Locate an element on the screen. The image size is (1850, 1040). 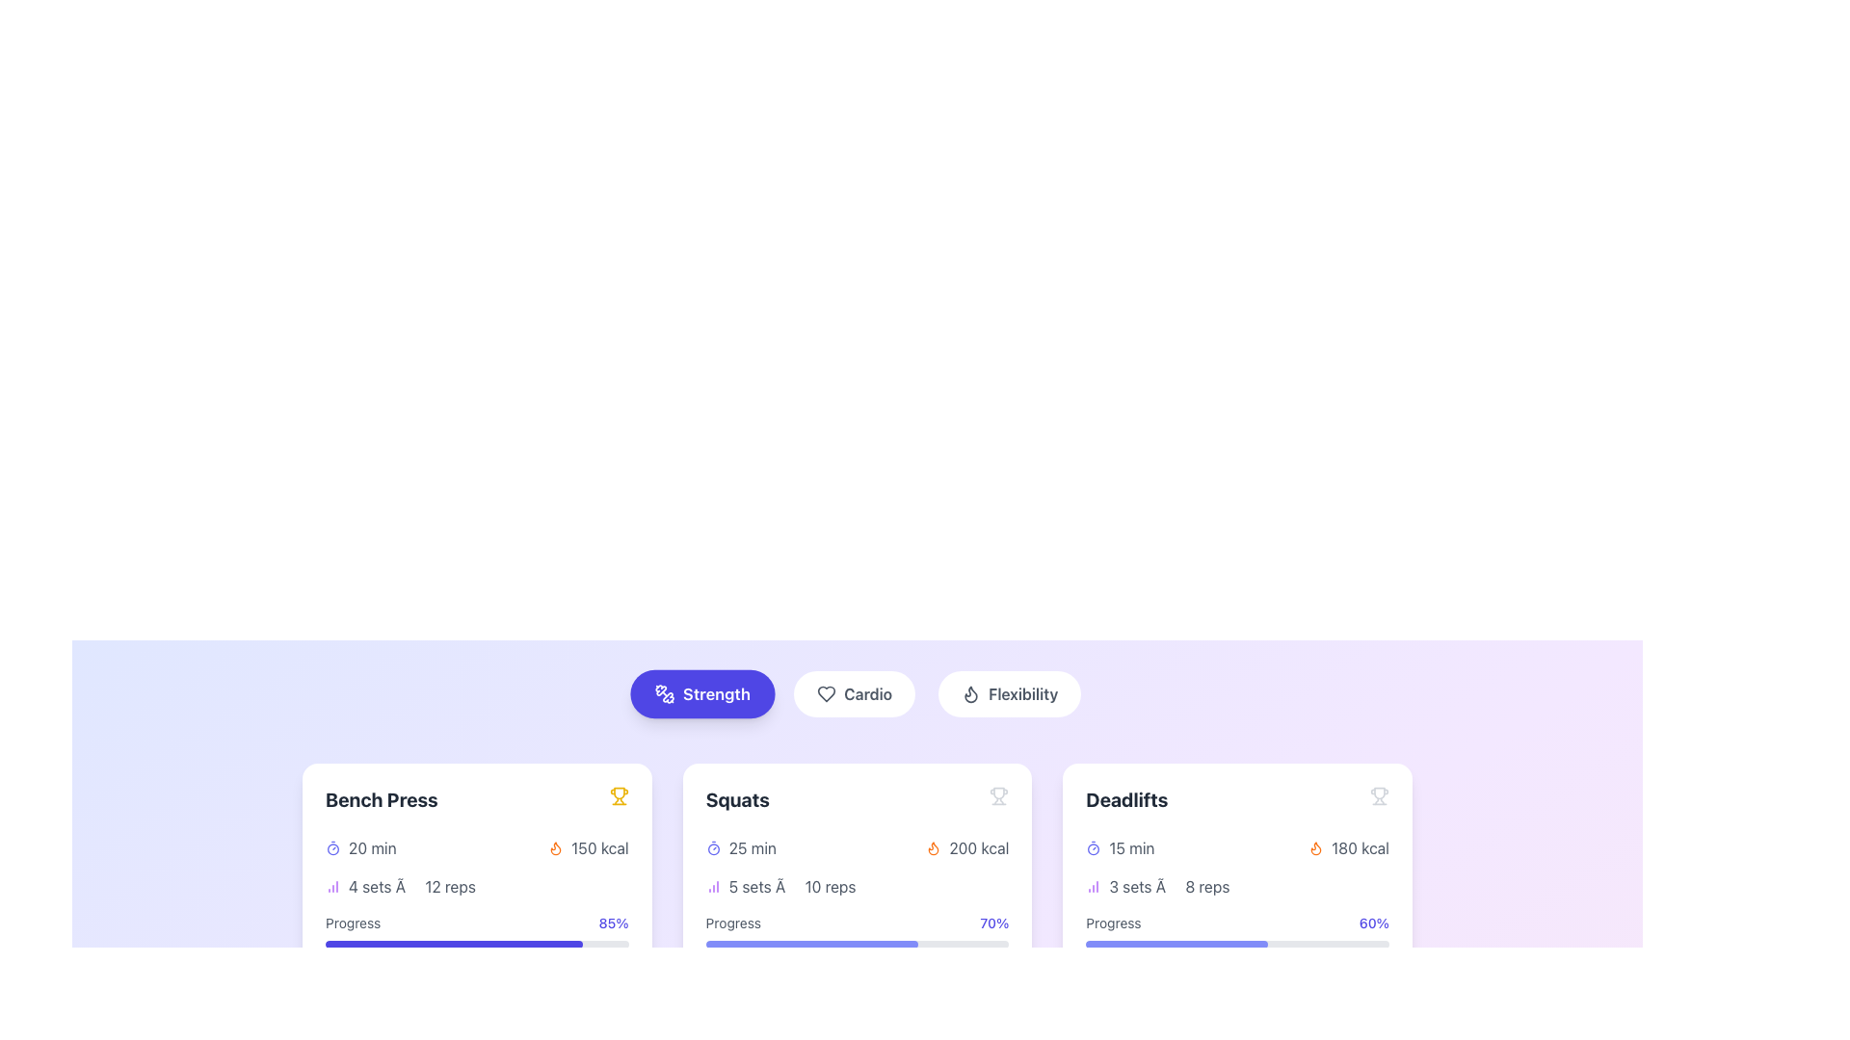
the icon associated with the 'Bench Press' workout set is located at coordinates (477, 887).